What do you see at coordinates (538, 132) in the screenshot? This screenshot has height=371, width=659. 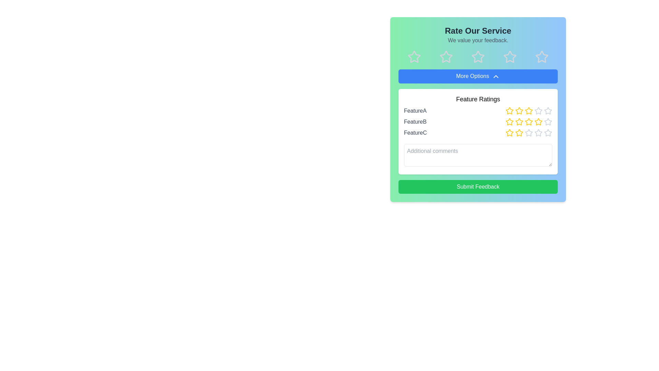 I see `the fifth star in the rating system under the 'FeatureC' label` at bounding box center [538, 132].